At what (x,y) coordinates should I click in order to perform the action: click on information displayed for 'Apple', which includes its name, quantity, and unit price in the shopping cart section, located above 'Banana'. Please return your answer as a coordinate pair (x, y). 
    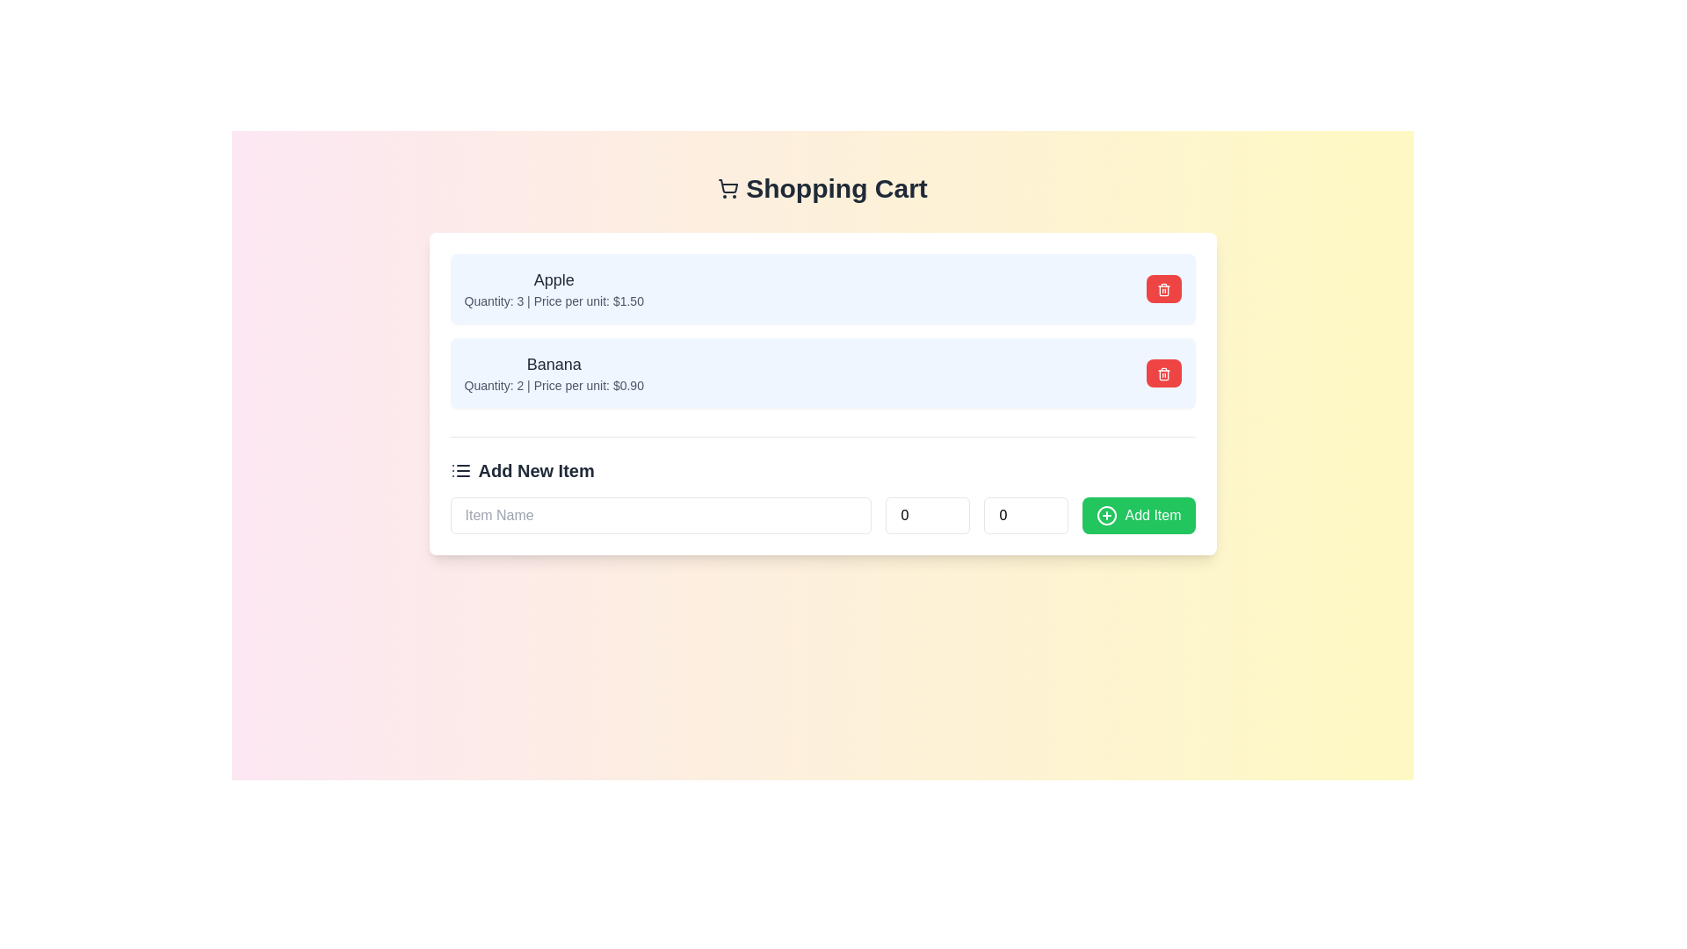
    Looking at the image, I should click on (553, 287).